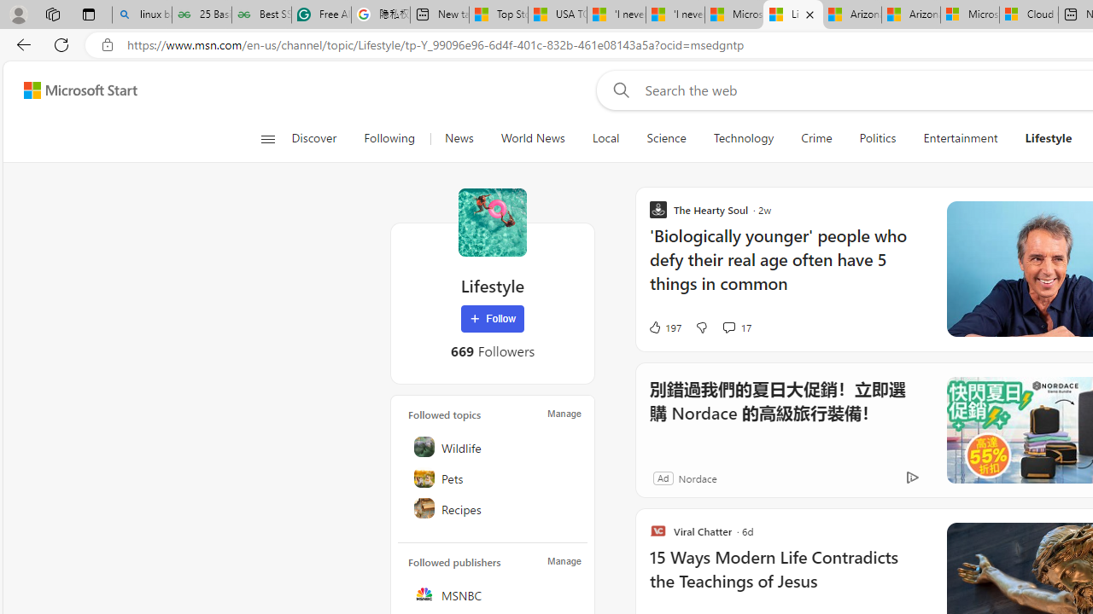 The width and height of the screenshot is (1093, 614). I want to click on 'Refresh', so click(61, 43).